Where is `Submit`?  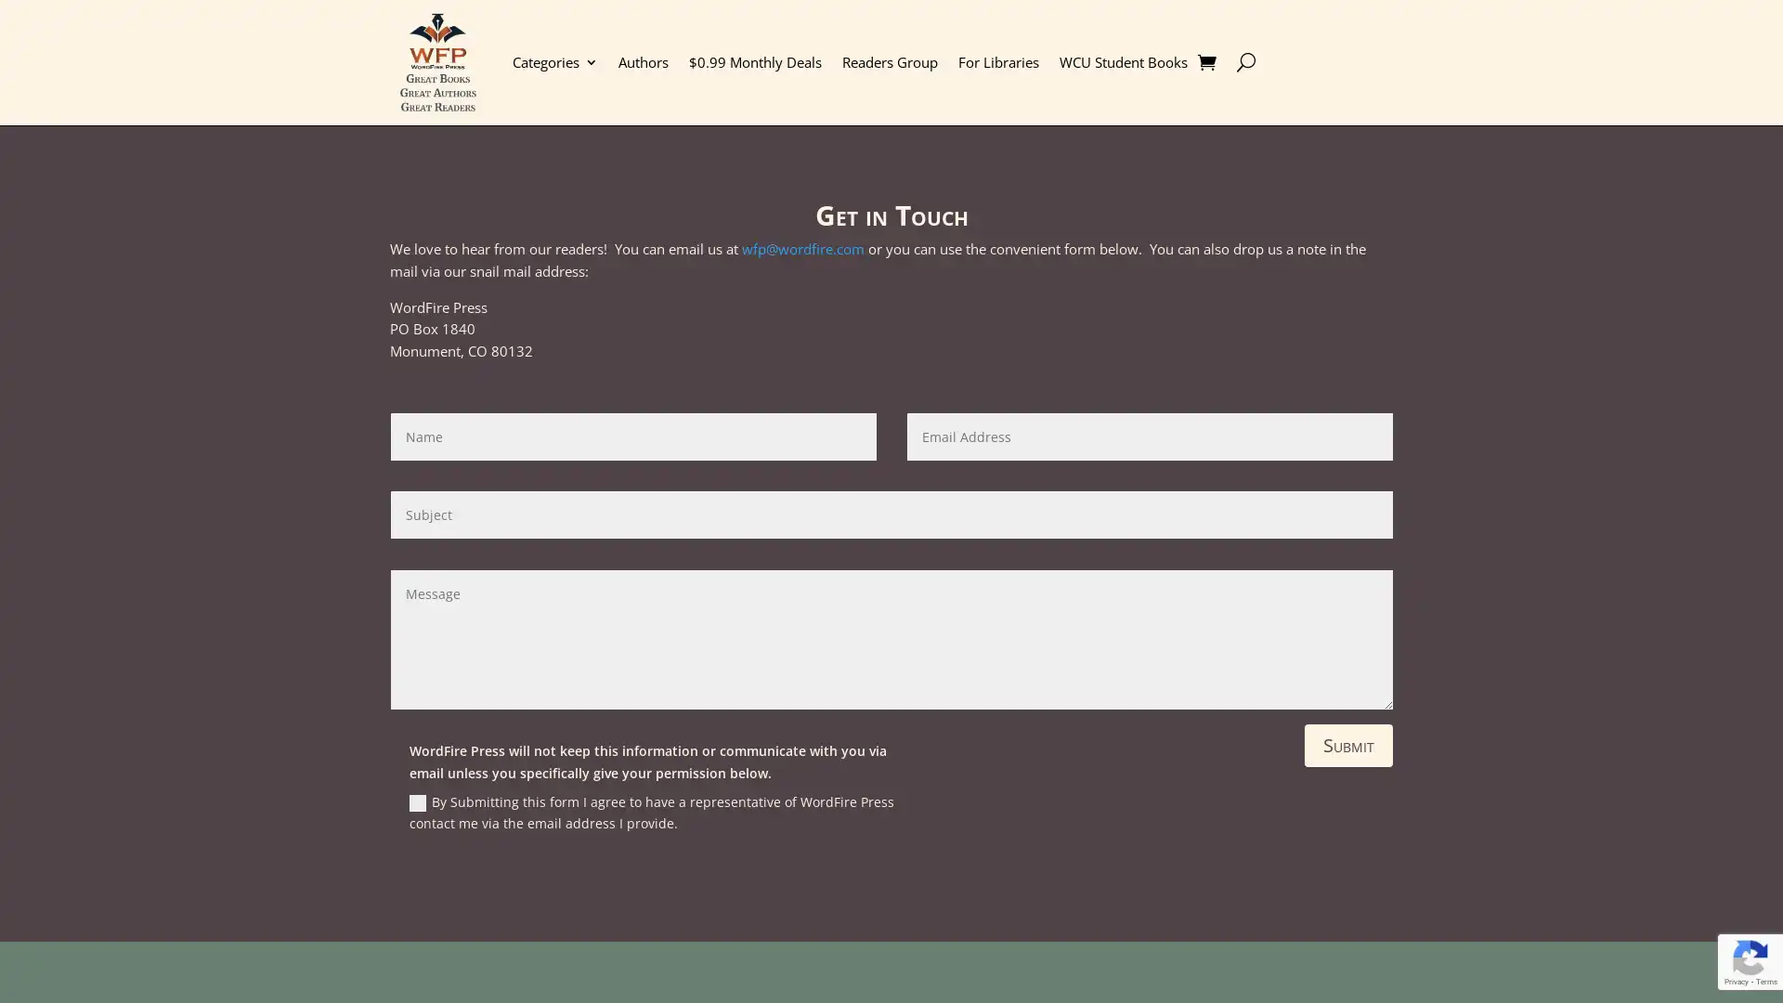
Submit is located at coordinates (1348, 744).